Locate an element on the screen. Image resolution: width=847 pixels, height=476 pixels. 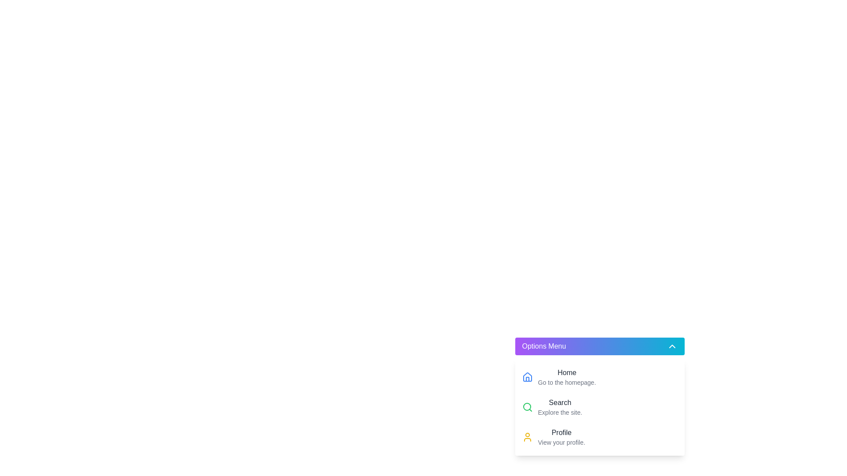
the 'Search' menu item in the dropdown menu is located at coordinates (559, 407).